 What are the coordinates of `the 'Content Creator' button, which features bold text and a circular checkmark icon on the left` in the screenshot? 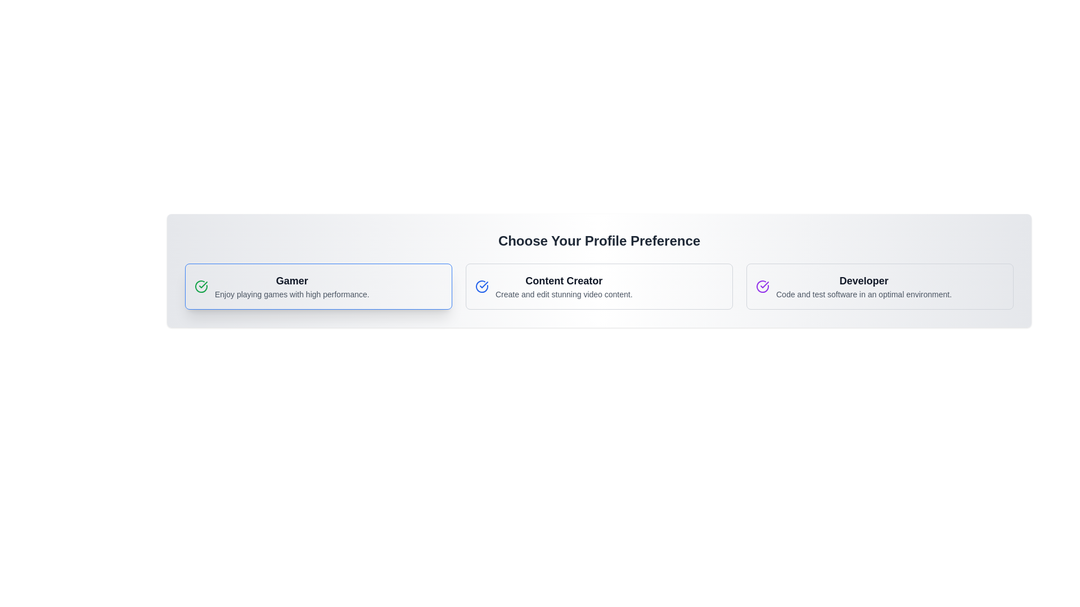 It's located at (598, 286).